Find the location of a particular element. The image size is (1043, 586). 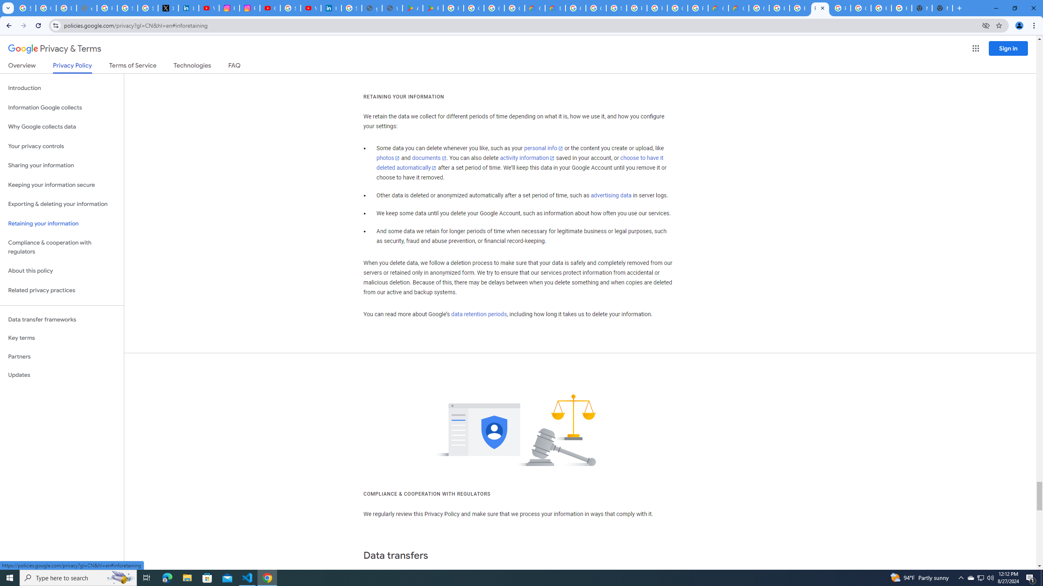

'photos' is located at coordinates (388, 157).